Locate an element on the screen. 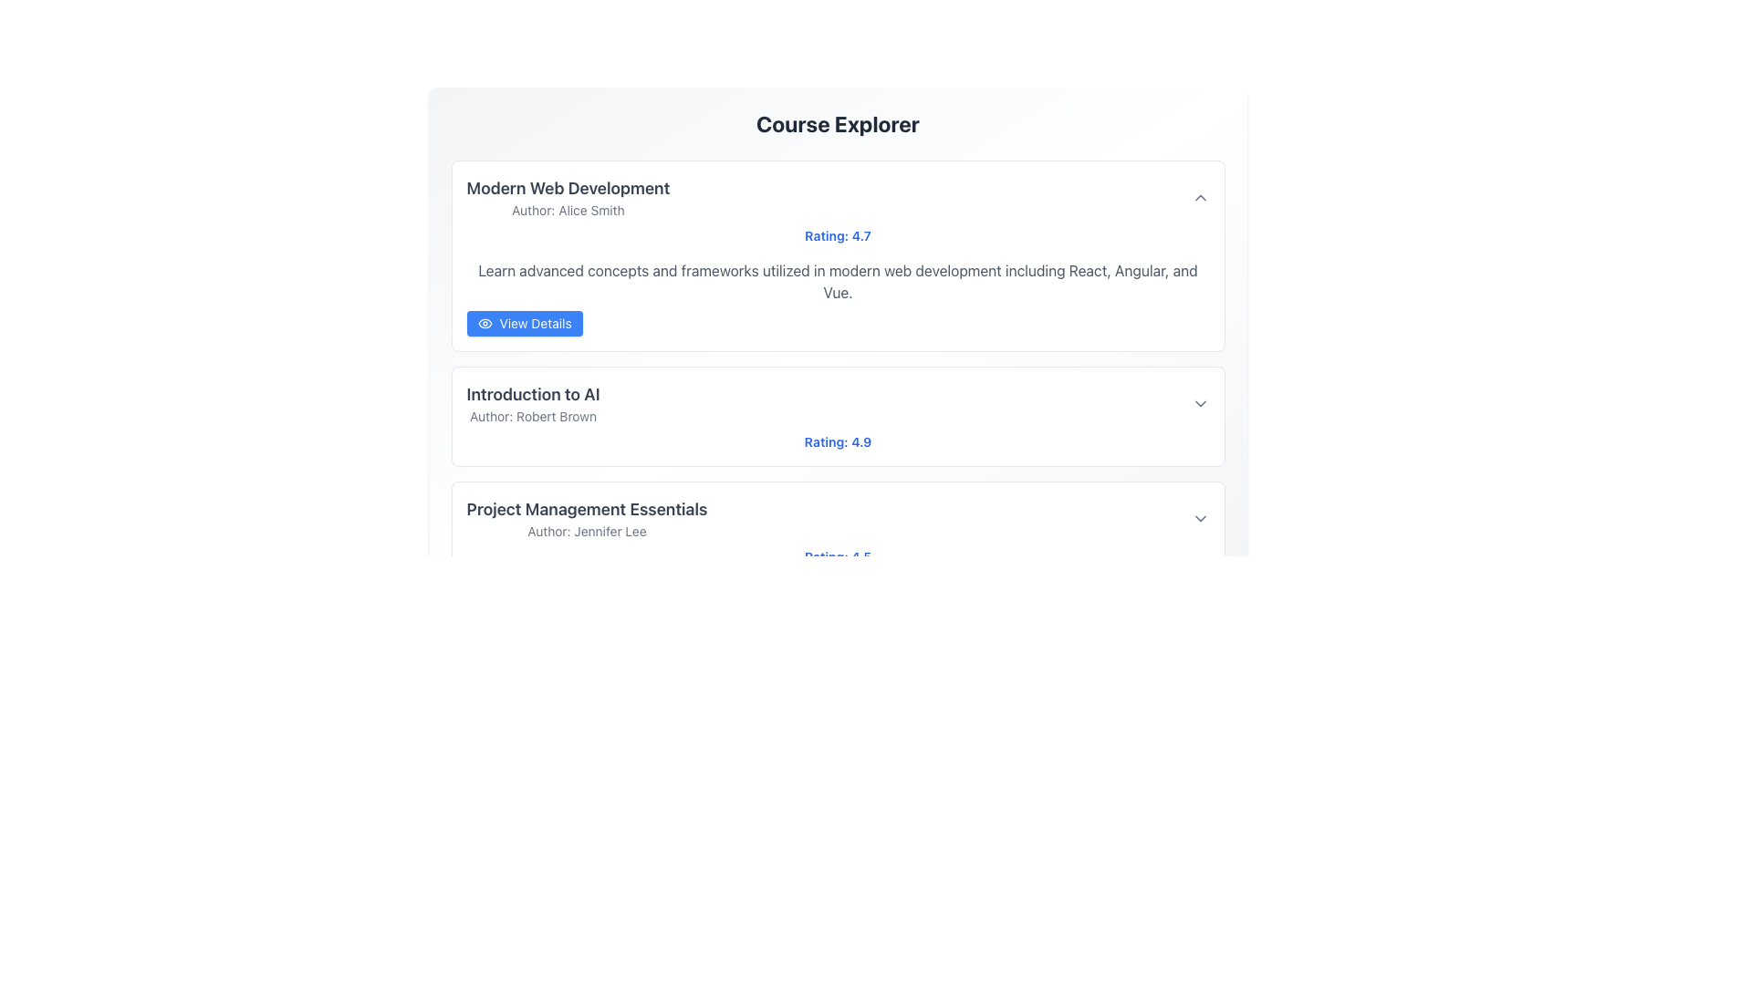 The image size is (1752, 985). textual label displaying 'Rating: 4.9' in blue, which is located at the bottom section of the card titled 'Introduction to AI' is located at coordinates (837, 442).